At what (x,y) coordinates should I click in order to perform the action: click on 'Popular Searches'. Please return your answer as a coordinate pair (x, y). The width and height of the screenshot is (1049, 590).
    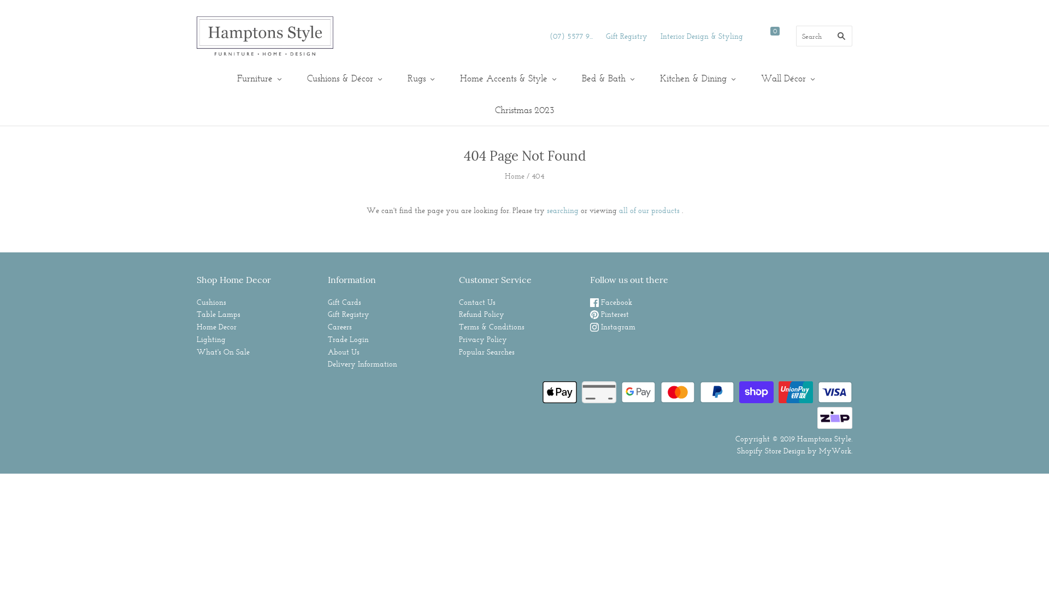
    Looking at the image, I should click on (459, 351).